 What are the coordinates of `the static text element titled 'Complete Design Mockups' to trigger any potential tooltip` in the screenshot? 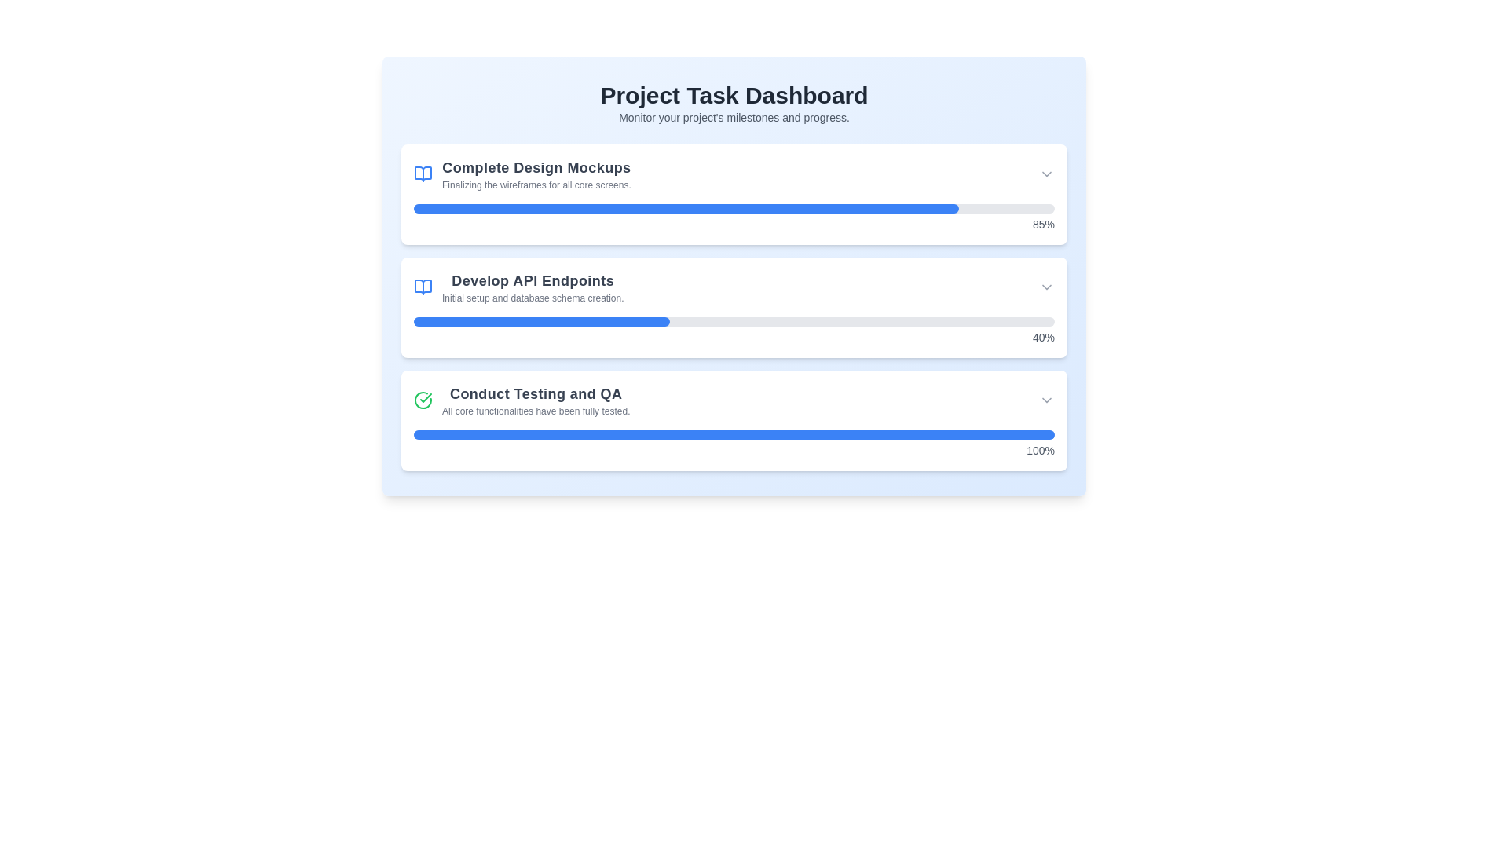 It's located at (536, 174).